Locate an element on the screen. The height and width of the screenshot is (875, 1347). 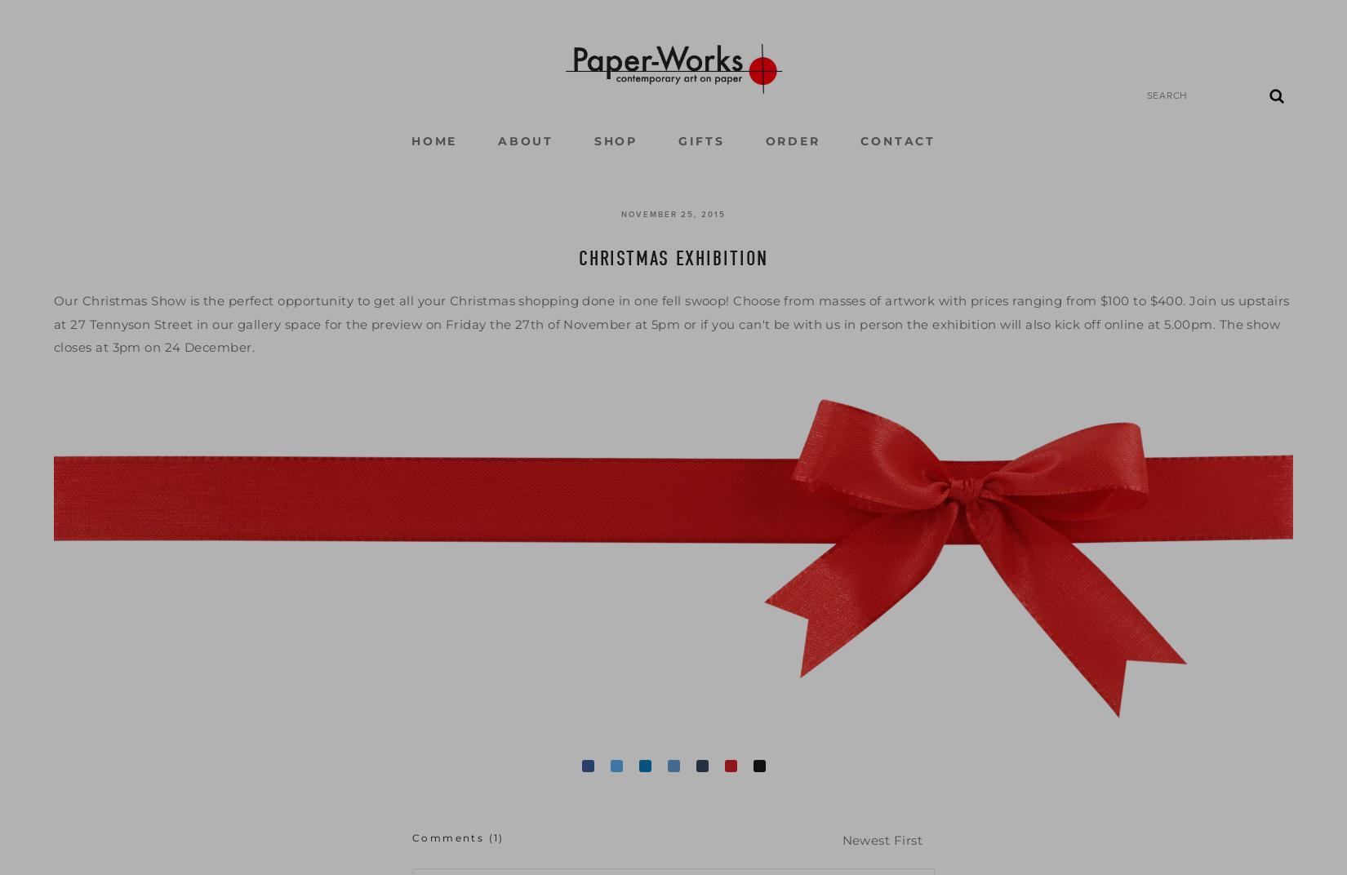
'Our Christmas Show is the perfect opportunity to get all your Christmas shopping done in one fell swoop! Choose from masses of artwork with prices ranging from $100 to $400. Join us upstairs at 27 Tennyson Street in our gallery space for the preview on Friday the 27th of November at 5pm or if you can't be with us in person the exhibition will also kick off online at 5.00pm. The show closes at 3pm on 24 December.' is located at coordinates (672, 323).